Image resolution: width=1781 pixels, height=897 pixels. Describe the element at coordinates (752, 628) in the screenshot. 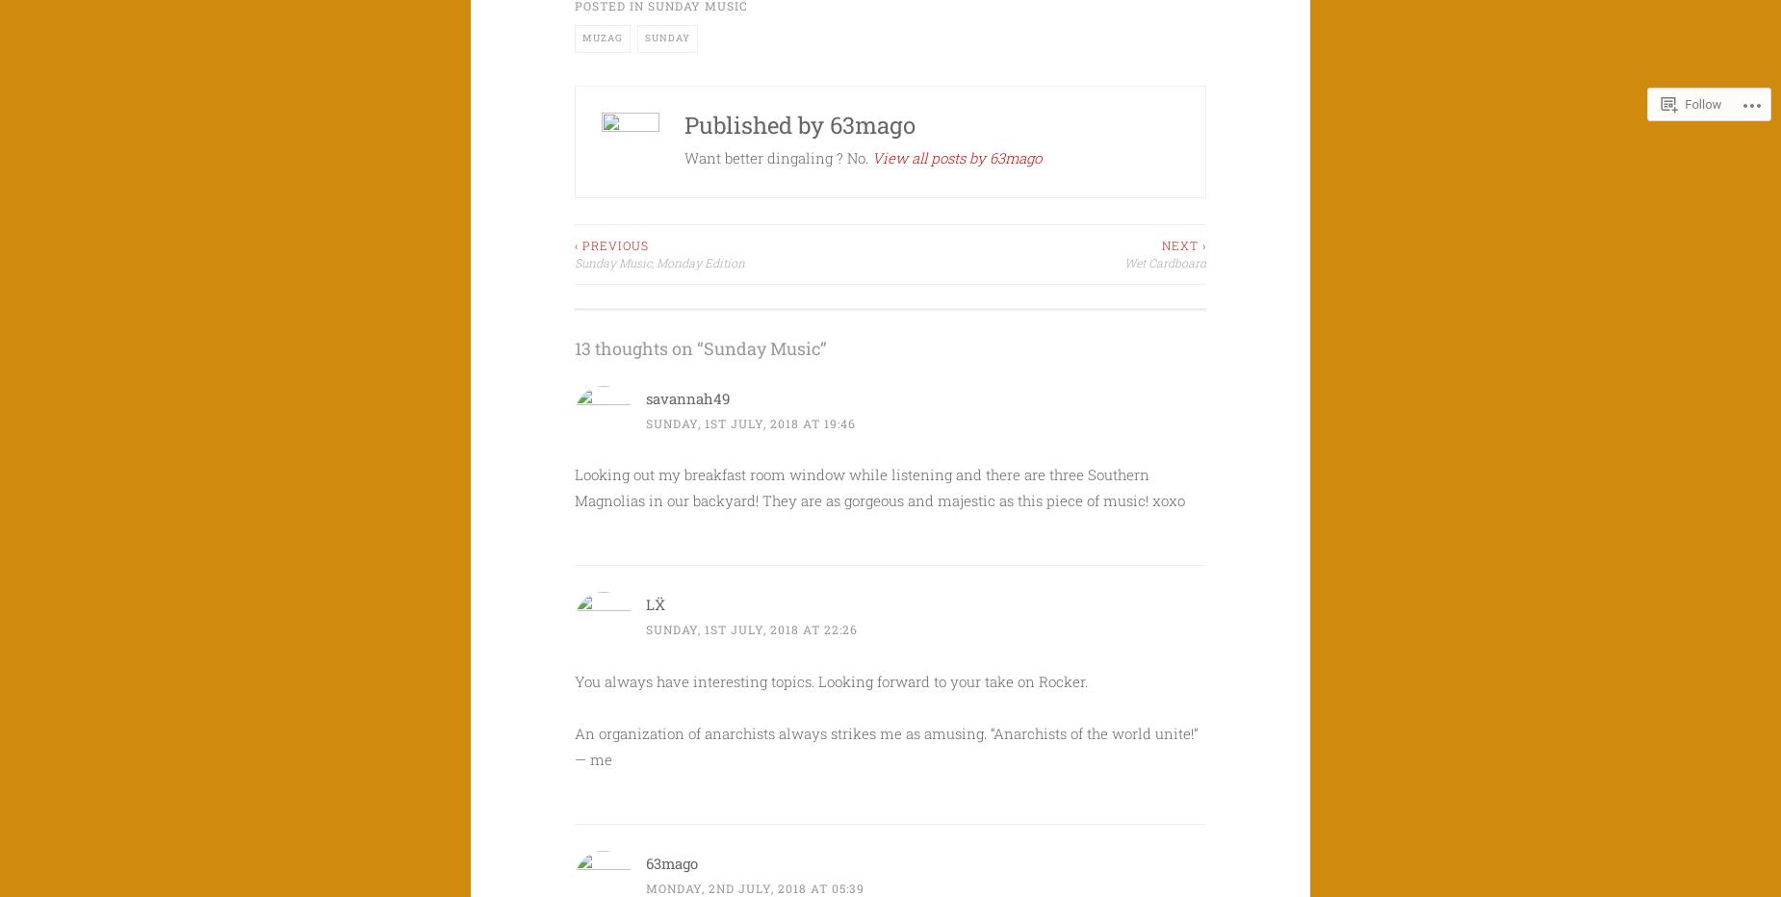

I see `'Sunday, 1st July, 2018 at 22:26'` at that location.